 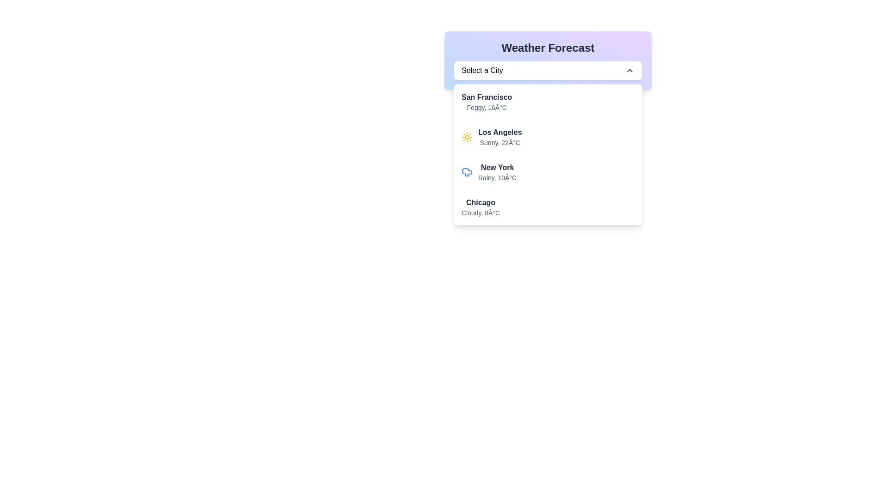 What do you see at coordinates (548, 102) in the screenshot?
I see `the List item displaying weather information for 'San Francisco' with the current condition 'Foggy' and temperature '16°C', which is the first item in the vertical list of cities` at bounding box center [548, 102].